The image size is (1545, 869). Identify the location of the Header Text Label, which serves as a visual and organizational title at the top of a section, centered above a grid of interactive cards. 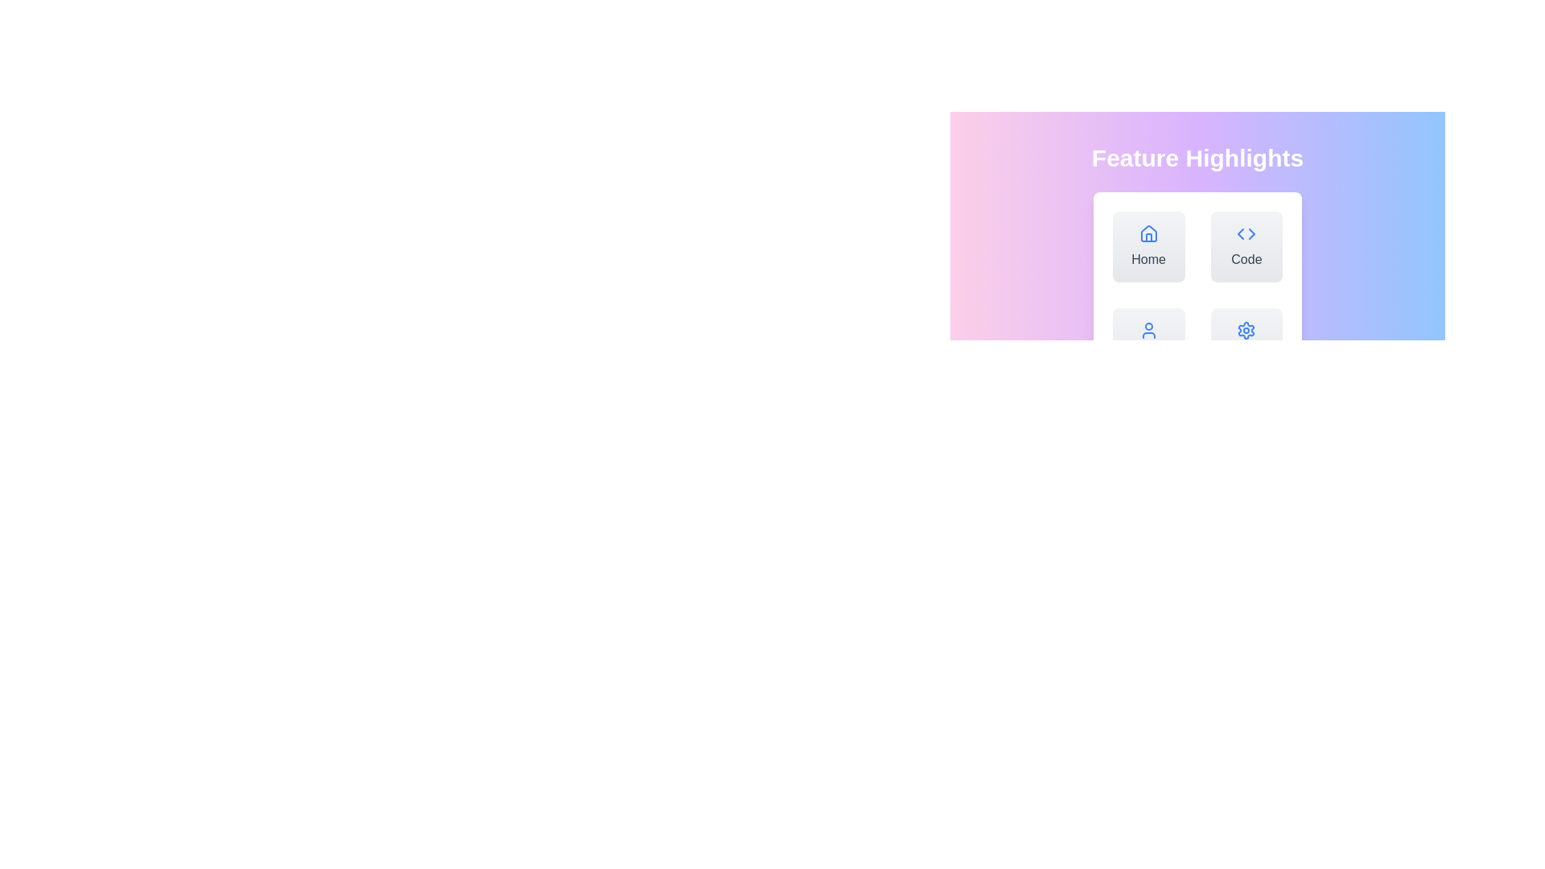
(1197, 158).